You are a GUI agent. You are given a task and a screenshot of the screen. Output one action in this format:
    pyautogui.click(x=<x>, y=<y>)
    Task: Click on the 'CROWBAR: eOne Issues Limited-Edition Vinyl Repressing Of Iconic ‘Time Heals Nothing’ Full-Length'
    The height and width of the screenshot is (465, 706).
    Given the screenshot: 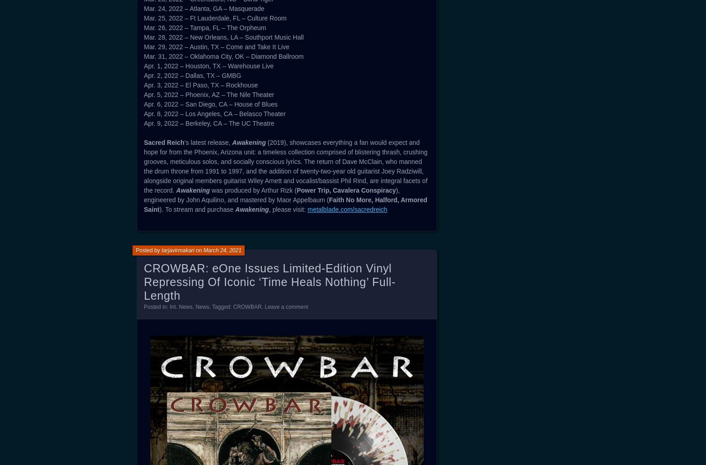 What is the action you would take?
    pyautogui.click(x=269, y=282)
    